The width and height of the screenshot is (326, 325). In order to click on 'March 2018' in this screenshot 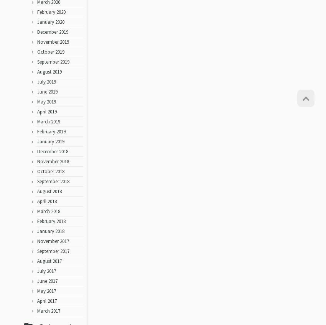, I will do `click(36, 213)`.